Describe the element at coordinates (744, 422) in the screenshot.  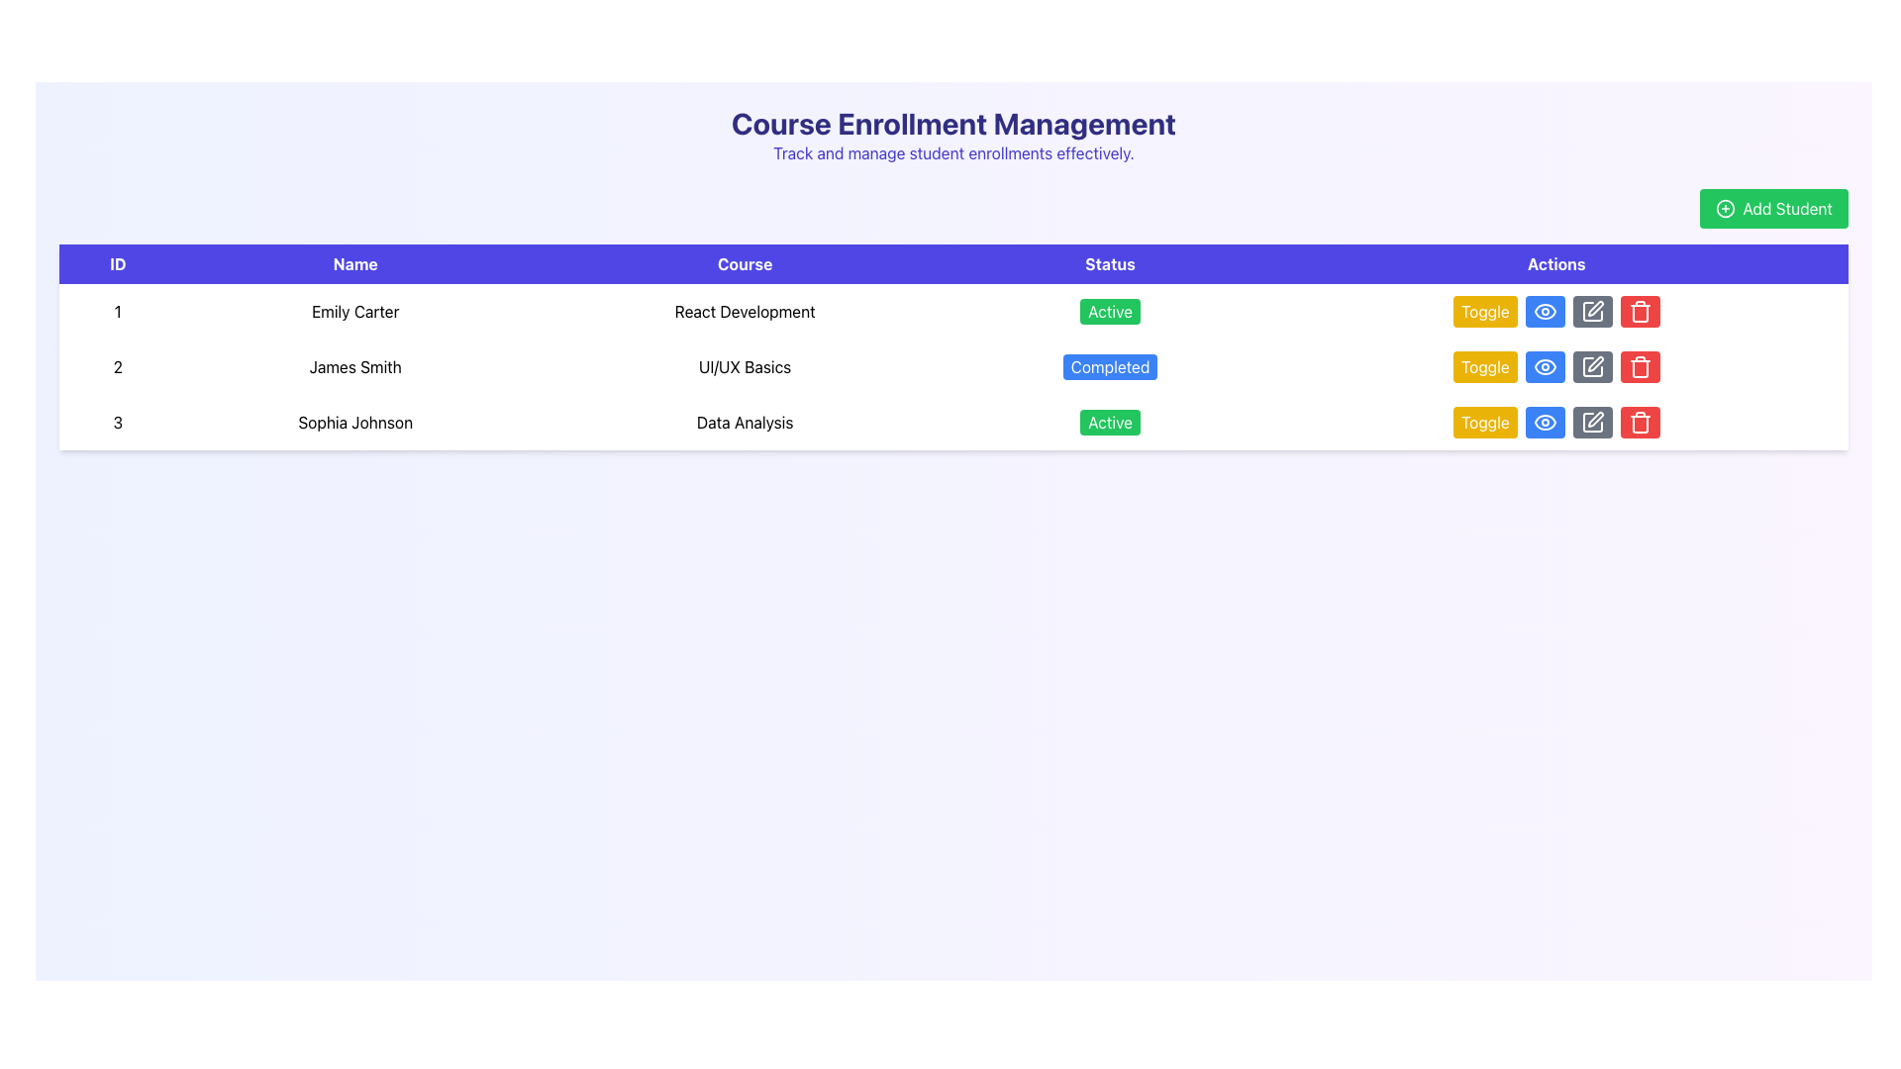
I see `the text display element that presents the course name in the third row of the table under the 'Course' column, positioned between 'Sophia Johnson' and 'Active'` at that location.